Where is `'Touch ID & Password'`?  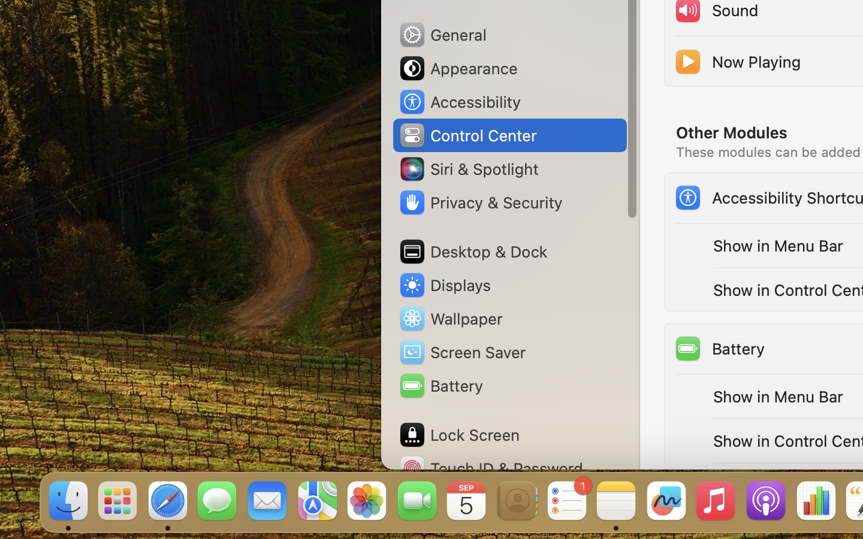 'Touch ID & Password' is located at coordinates (491, 468).